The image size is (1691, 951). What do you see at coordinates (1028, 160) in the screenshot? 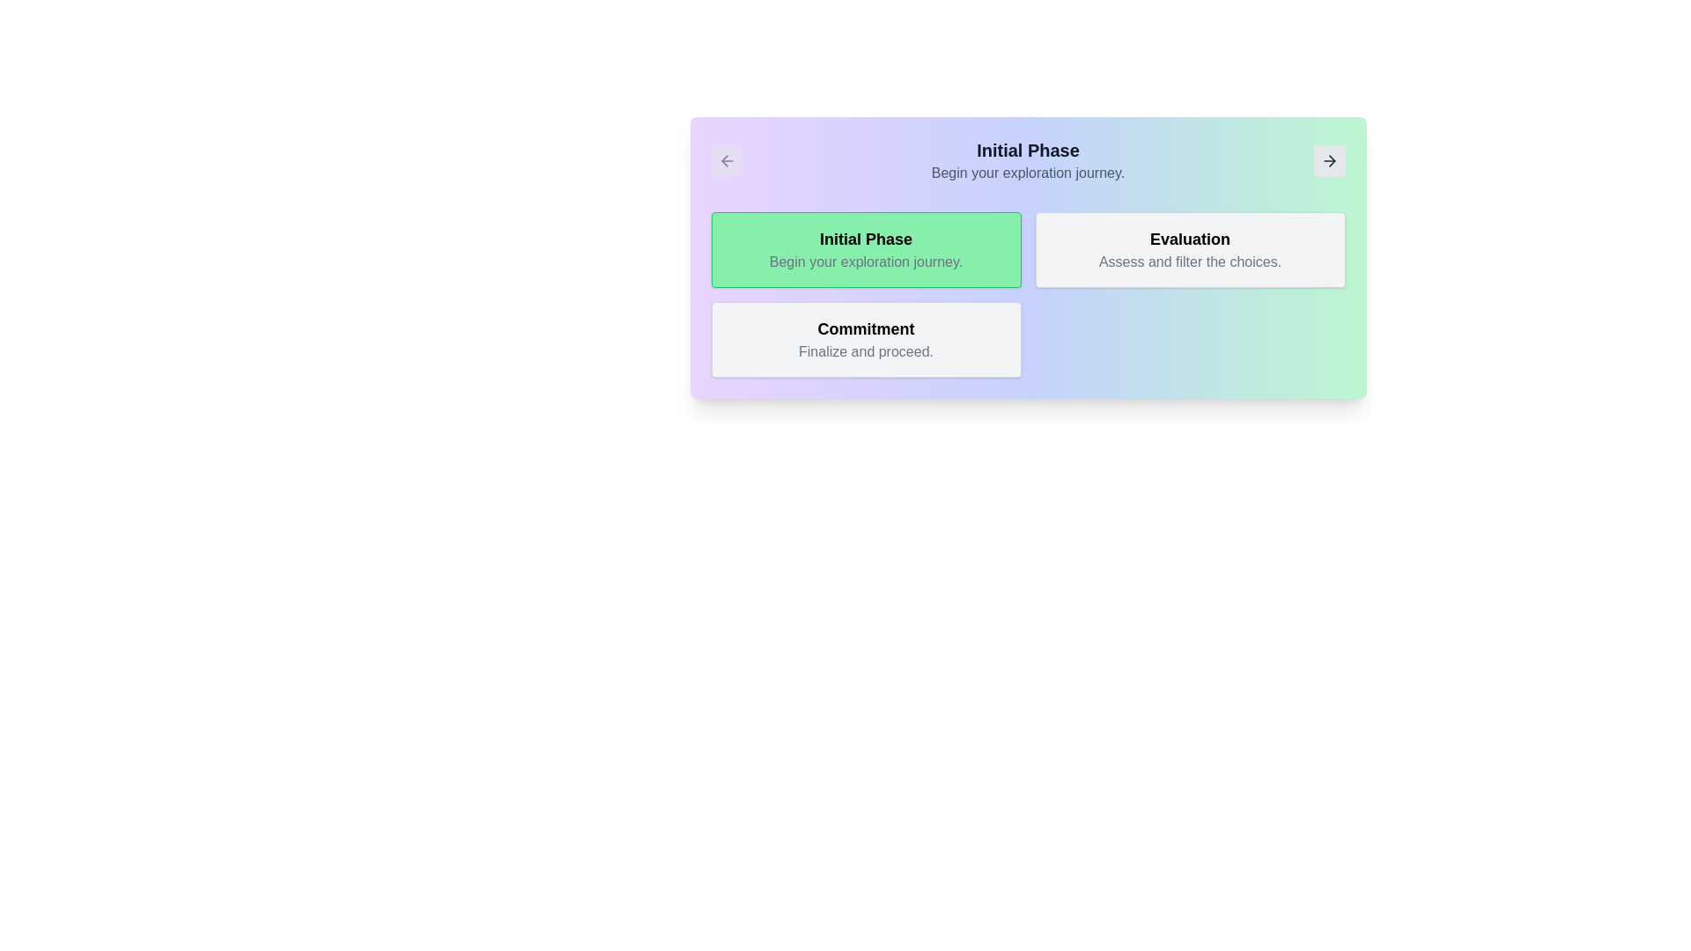
I see `textual content from the text display block titled 'Initial Phase' with the subtitle 'Begin your exploration journey.'` at bounding box center [1028, 160].